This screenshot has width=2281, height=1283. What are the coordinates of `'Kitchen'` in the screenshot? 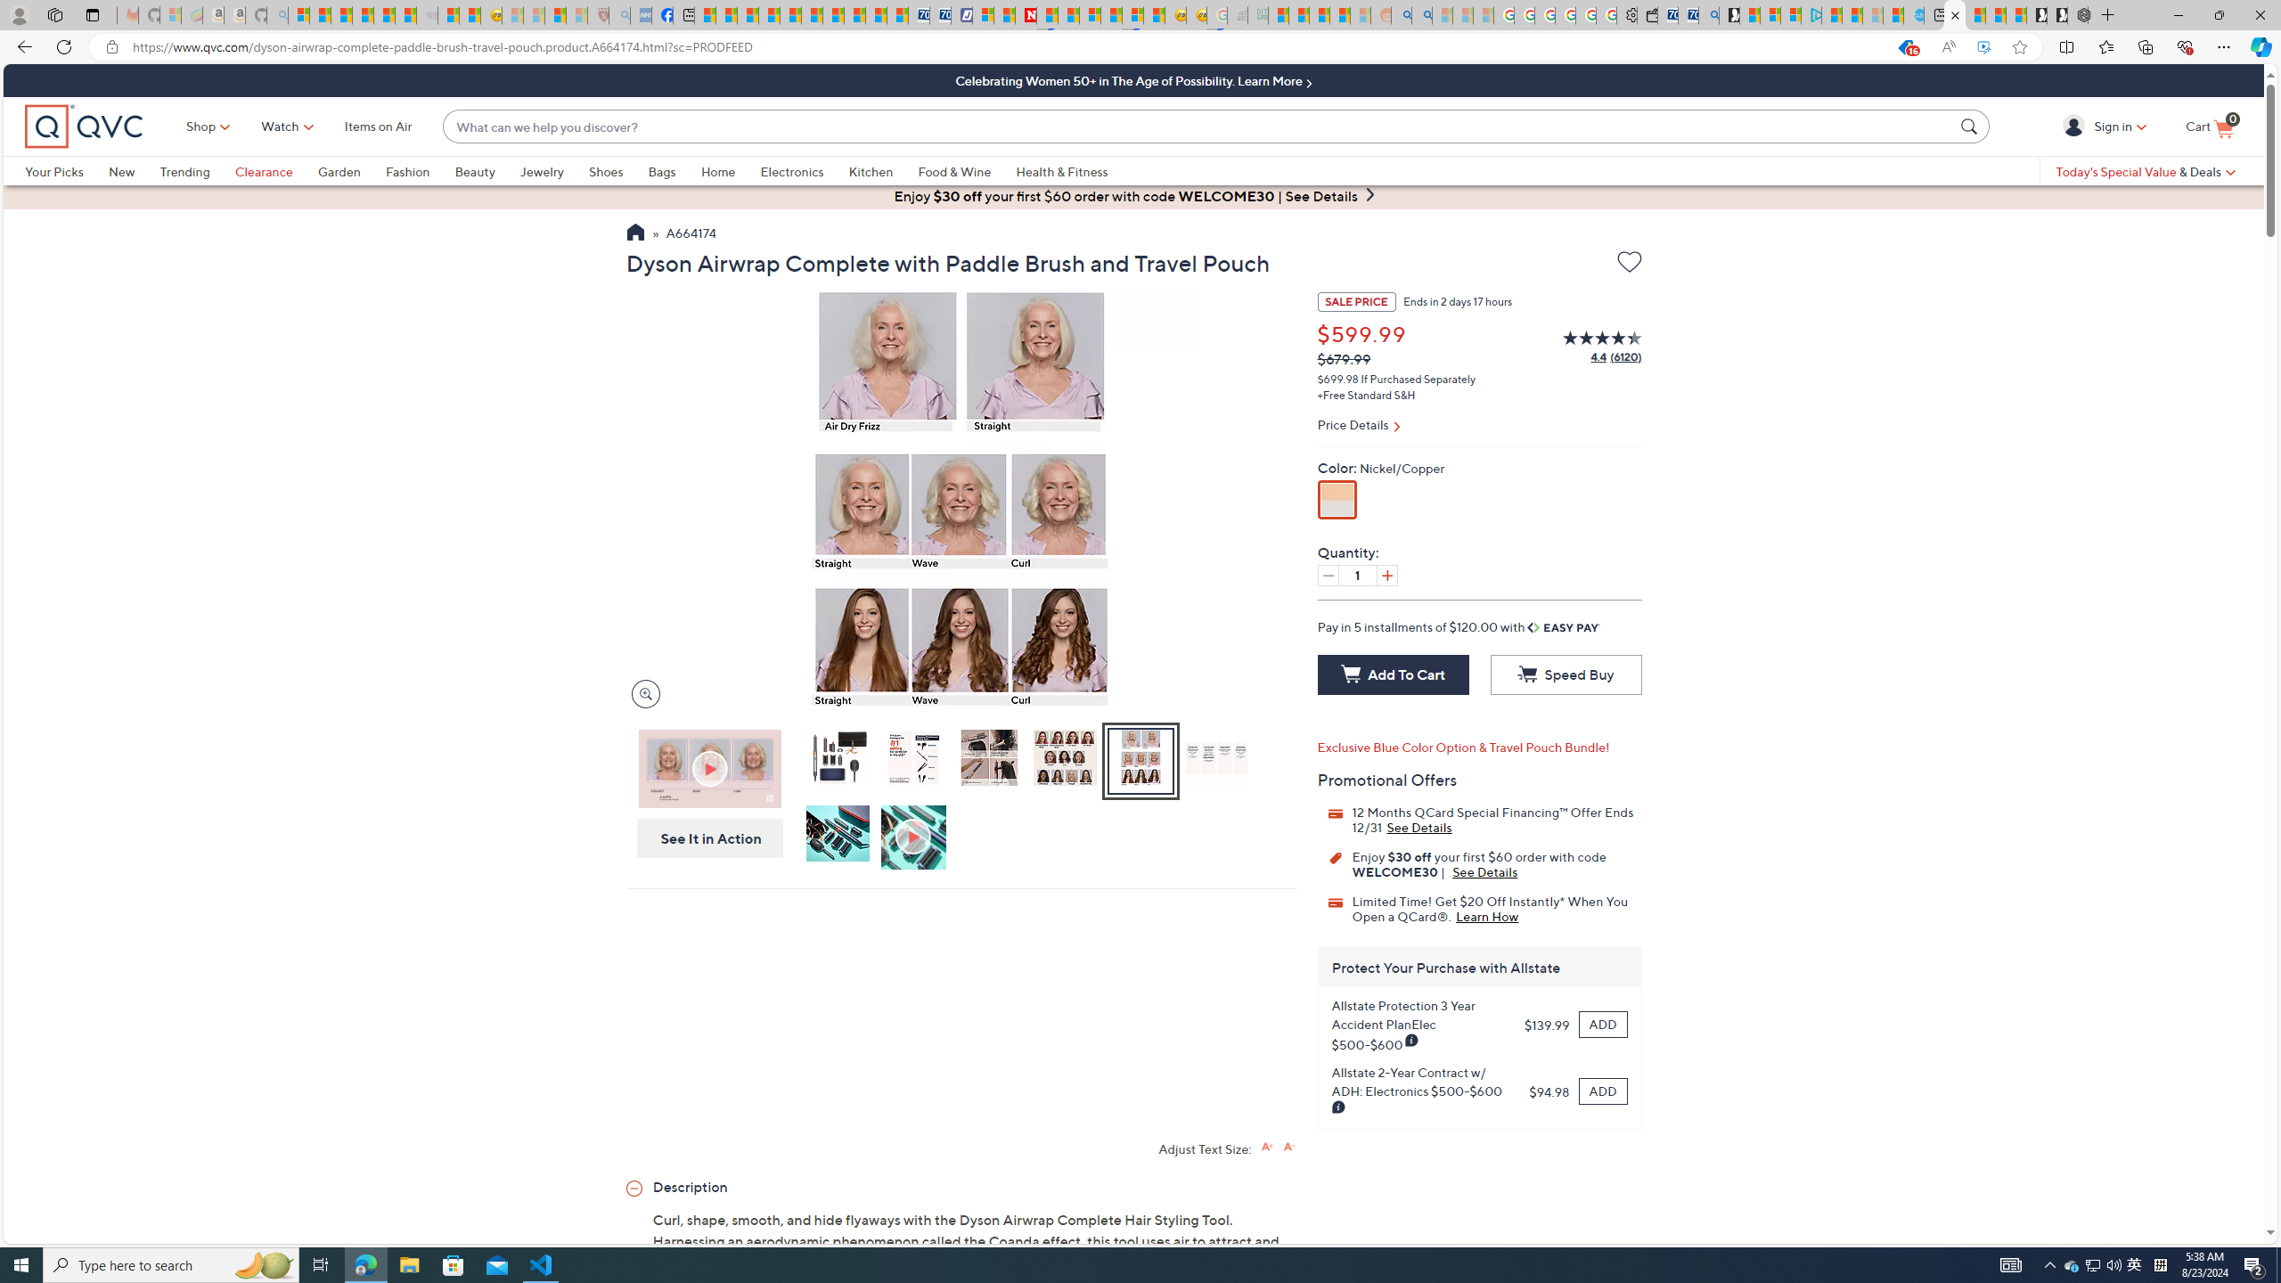 It's located at (883, 170).